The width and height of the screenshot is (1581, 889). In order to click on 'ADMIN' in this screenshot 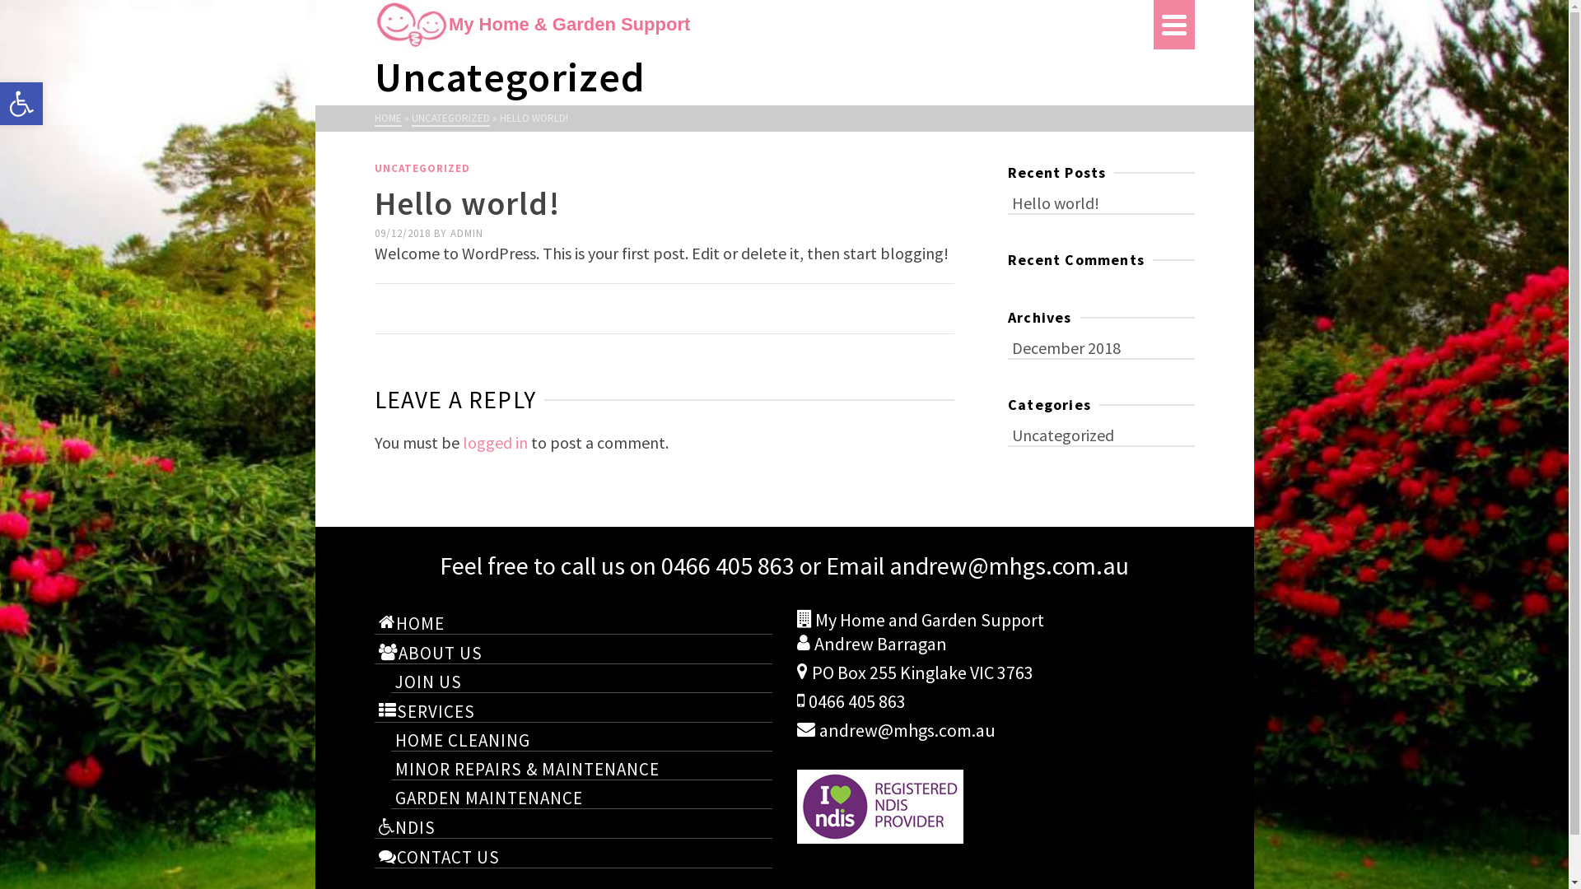, I will do `click(465, 233)`.